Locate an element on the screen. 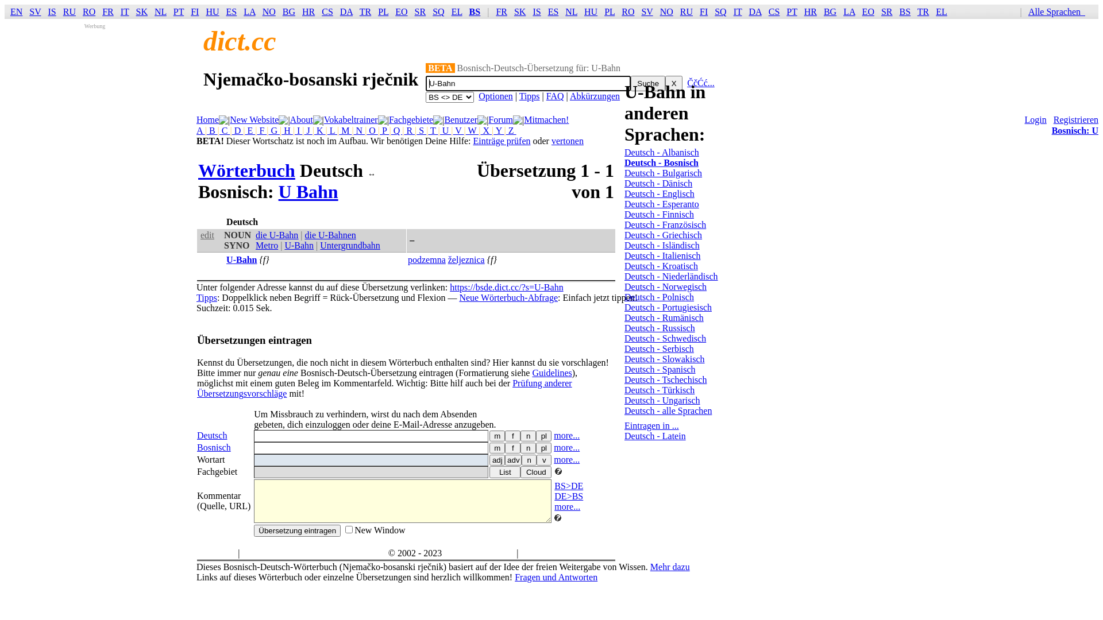  'Cloud' is located at coordinates (520, 472).